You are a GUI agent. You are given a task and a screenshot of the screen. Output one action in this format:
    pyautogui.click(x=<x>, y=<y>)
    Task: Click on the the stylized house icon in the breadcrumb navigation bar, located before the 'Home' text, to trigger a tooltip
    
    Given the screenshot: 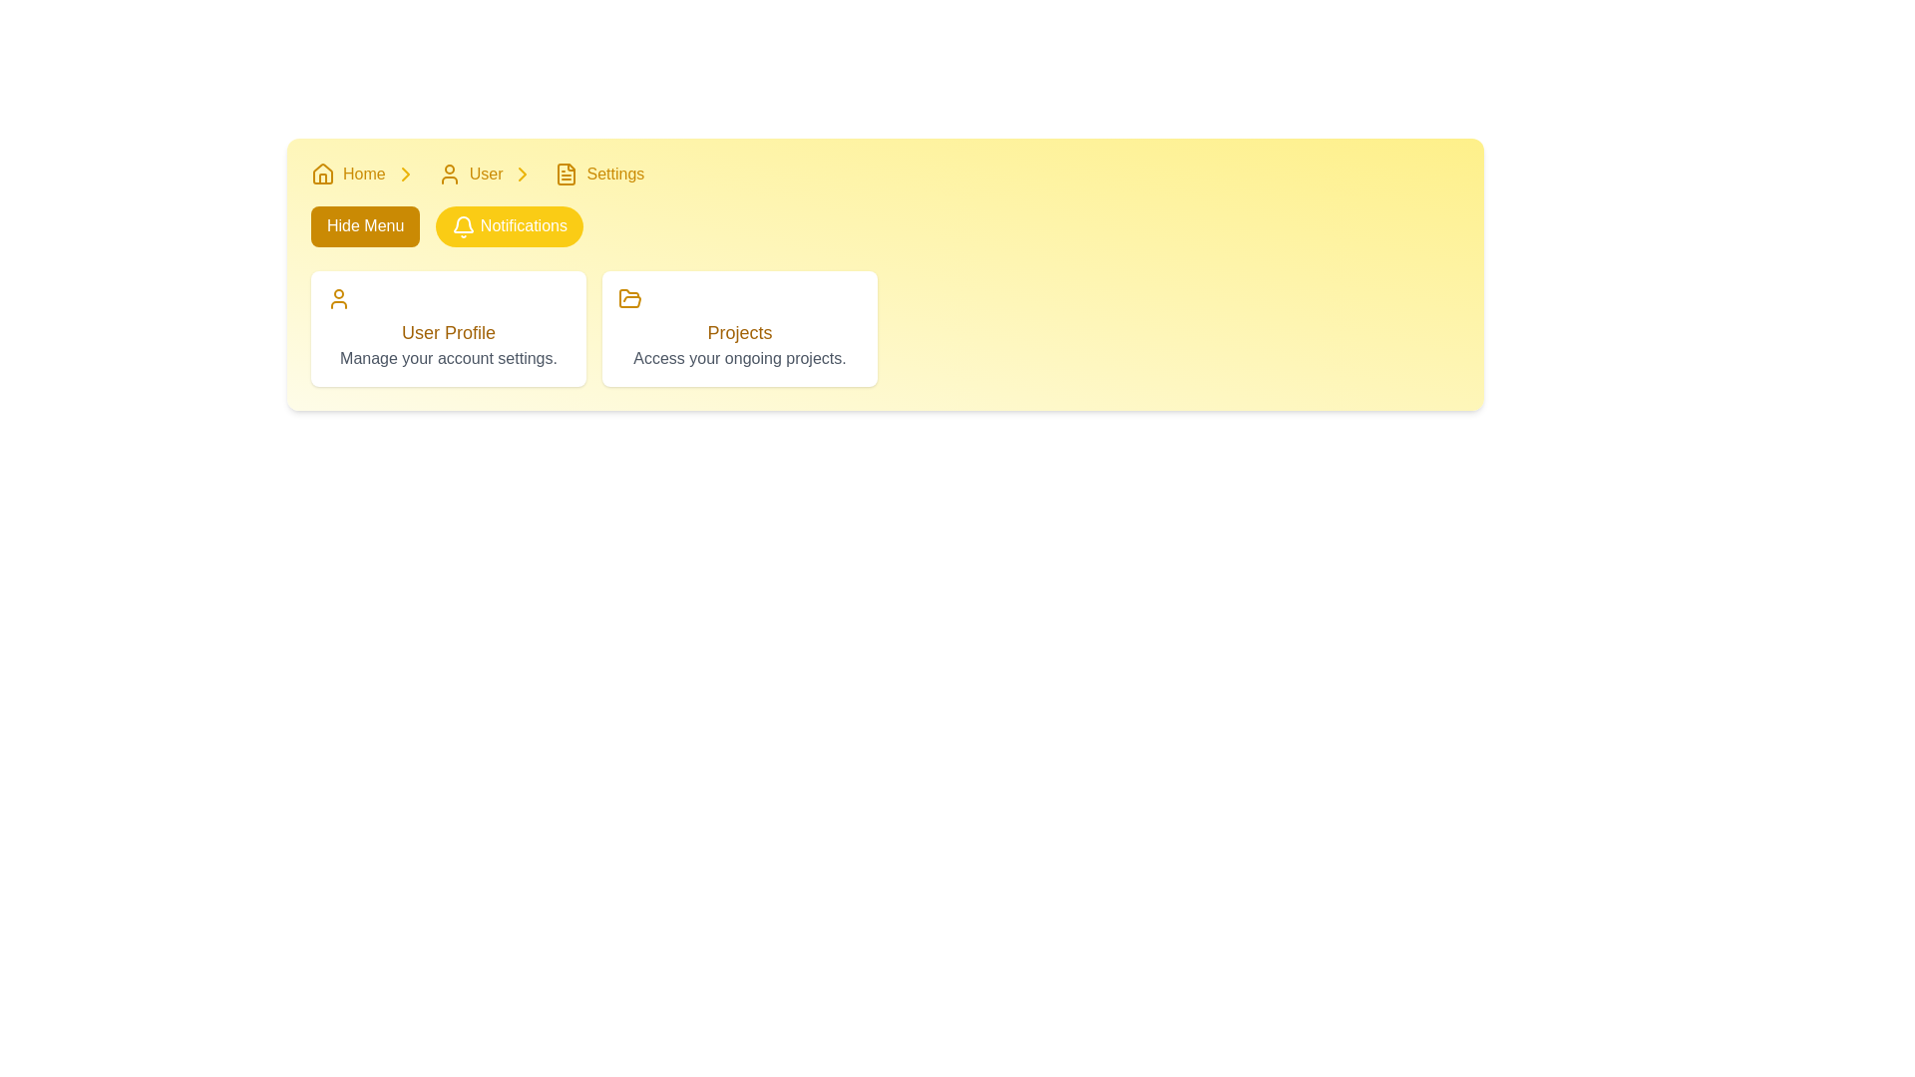 What is the action you would take?
    pyautogui.click(x=323, y=173)
    